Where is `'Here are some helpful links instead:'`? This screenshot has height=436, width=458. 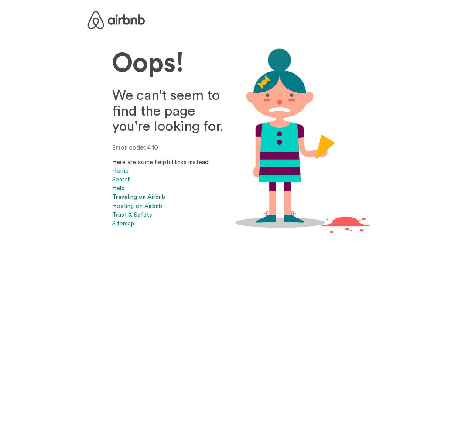
'Here are some helpful links instead:' is located at coordinates (160, 161).